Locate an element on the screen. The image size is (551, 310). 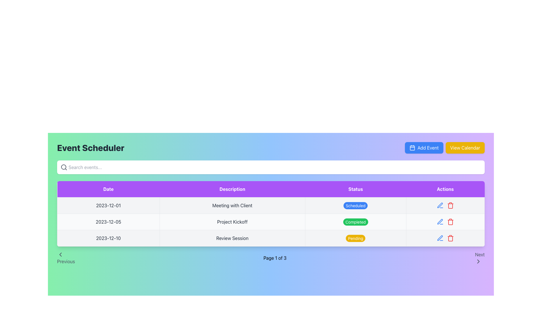
the 'Add Event' button, which has a blue background and white text, located in the upper-right section of the interface is located at coordinates (424, 148).